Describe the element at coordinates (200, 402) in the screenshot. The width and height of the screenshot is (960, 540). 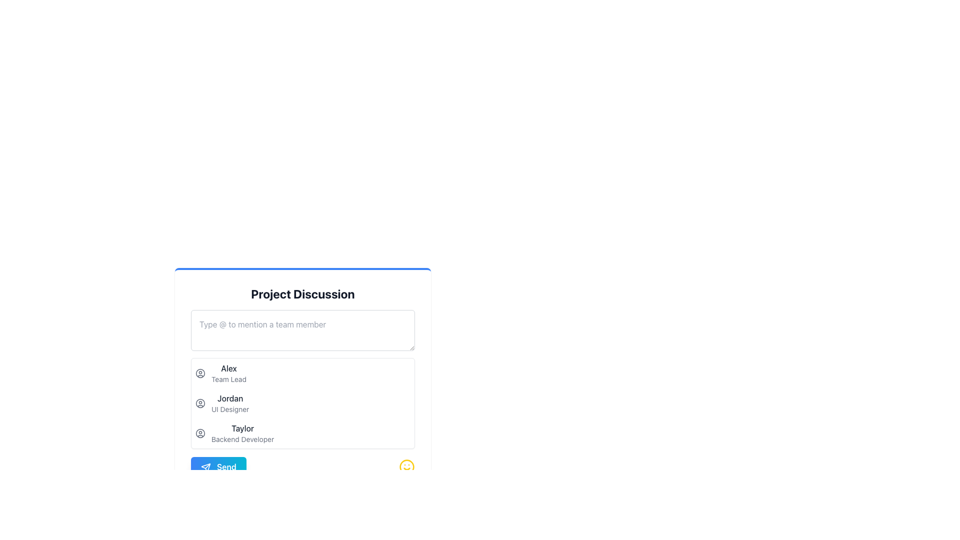
I see `the icon representing the user 'Jordan' in the user directory, which is located to the left of the name 'Jordan' in the vertical list` at that location.